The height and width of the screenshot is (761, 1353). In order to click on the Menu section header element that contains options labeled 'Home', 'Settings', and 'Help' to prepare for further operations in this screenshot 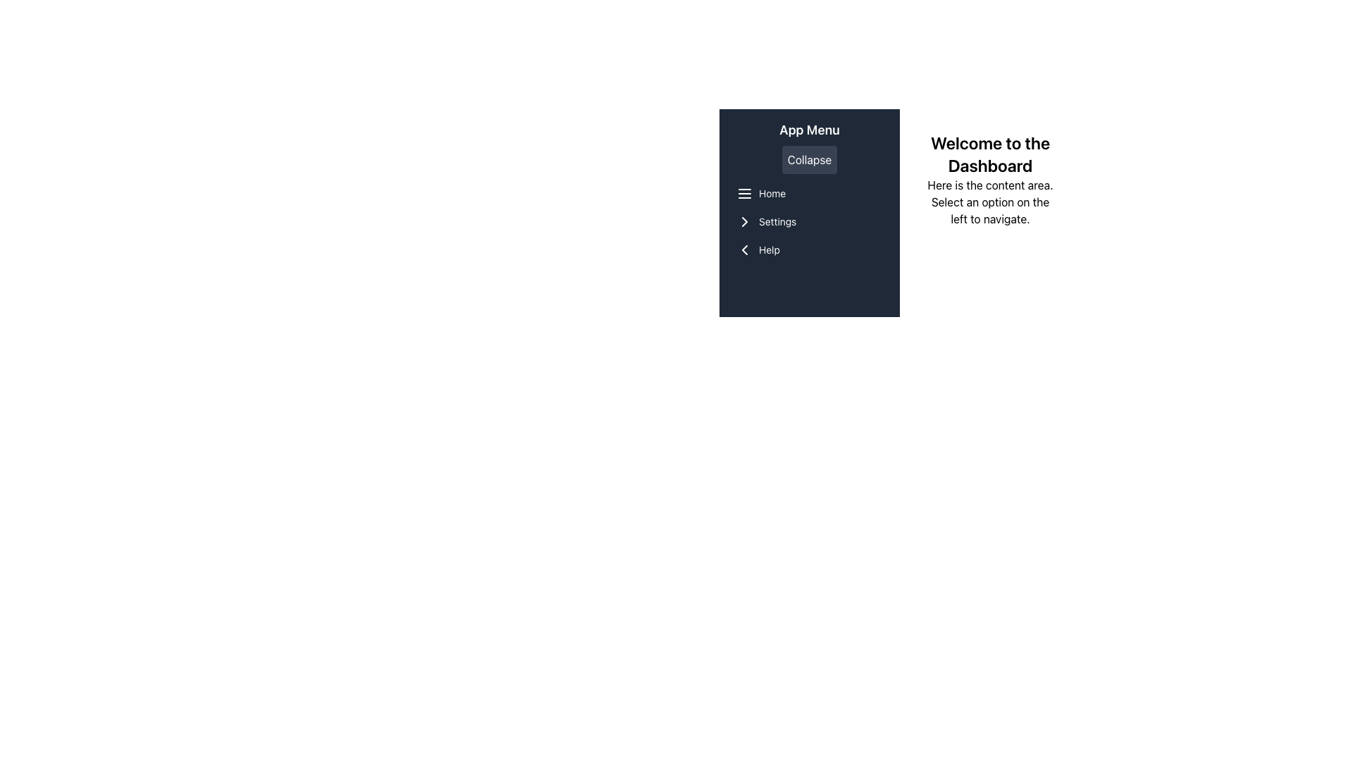, I will do `click(809, 222)`.